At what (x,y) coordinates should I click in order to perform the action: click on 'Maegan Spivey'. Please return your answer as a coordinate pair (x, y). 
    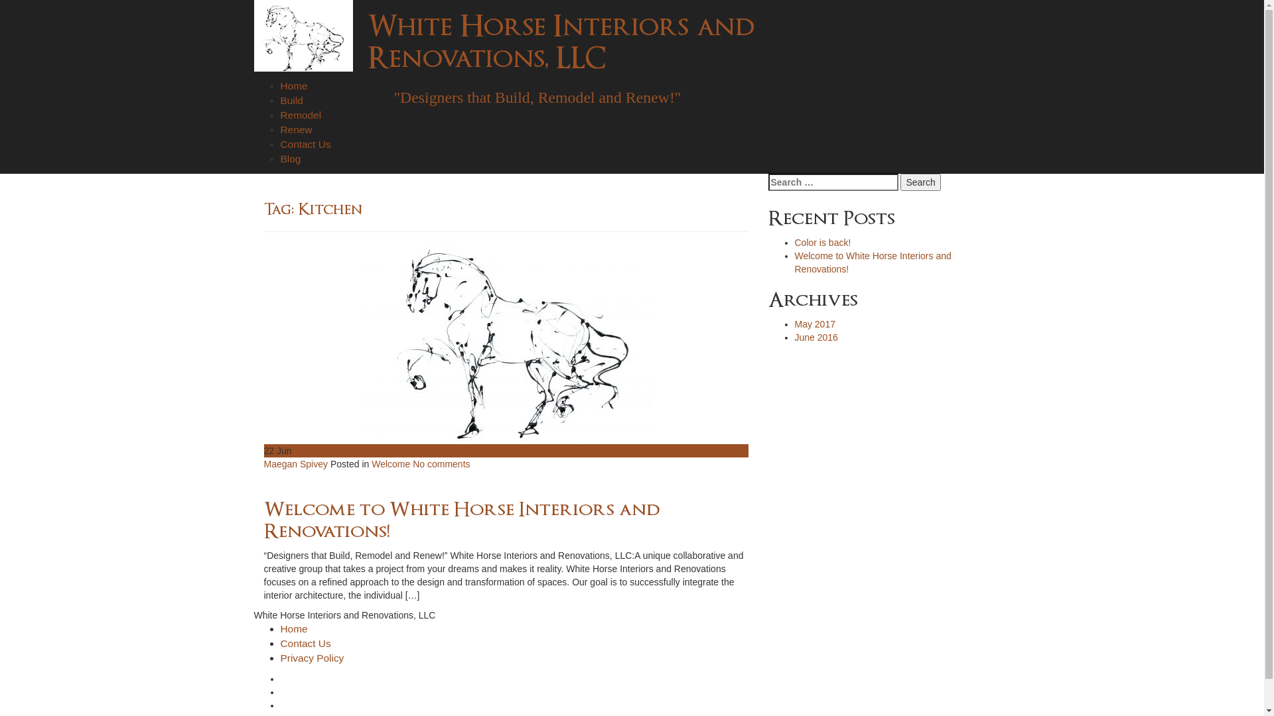
    Looking at the image, I should click on (296, 463).